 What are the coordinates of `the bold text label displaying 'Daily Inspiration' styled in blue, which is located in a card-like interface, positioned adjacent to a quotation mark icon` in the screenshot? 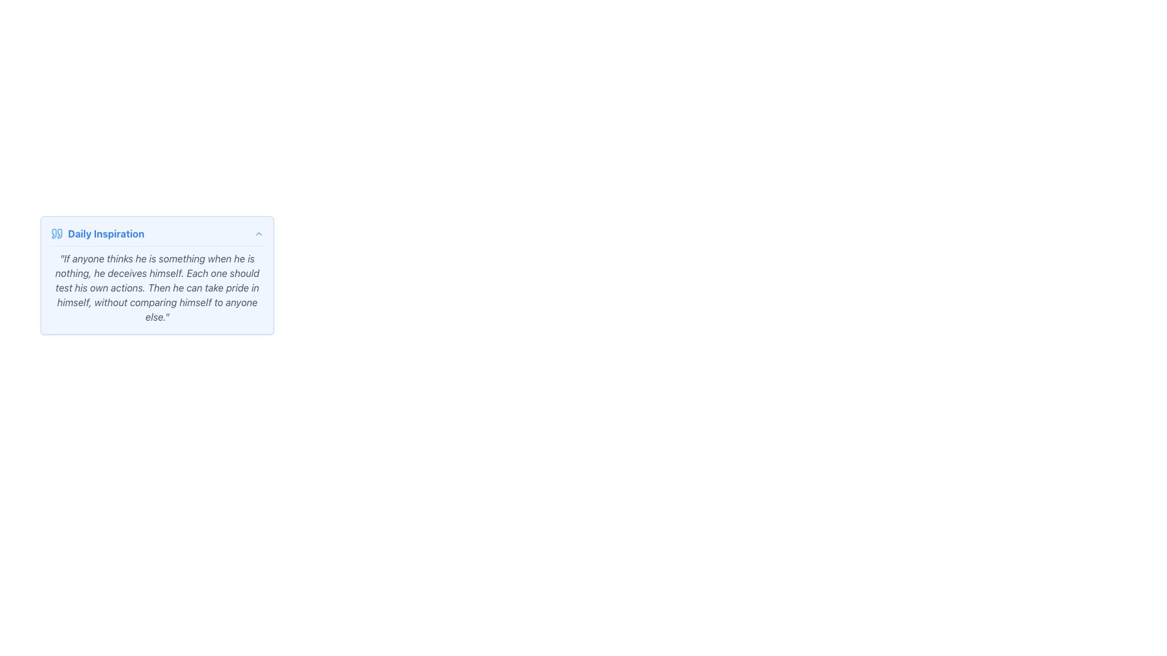 It's located at (106, 234).